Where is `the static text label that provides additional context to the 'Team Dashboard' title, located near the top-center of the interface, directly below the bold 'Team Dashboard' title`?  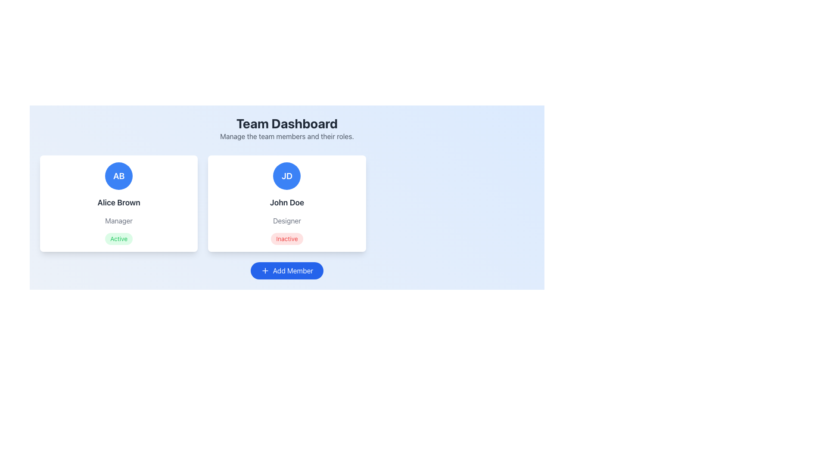
the static text label that provides additional context to the 'Team Dashboard' title, located near the top-center of the interface, directly below the bold 'Team Dashboard' title is located at coordinates (287, 136).